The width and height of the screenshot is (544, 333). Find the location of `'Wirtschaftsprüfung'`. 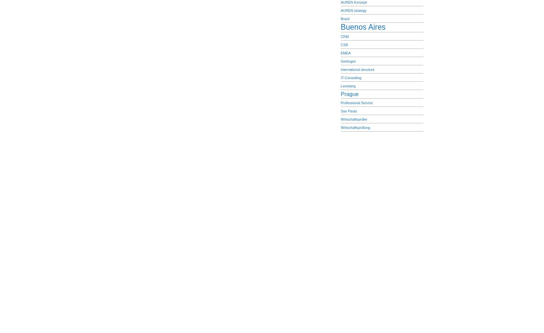

'Wirtschaftsprüfung' is located at coordinates (355, 127).